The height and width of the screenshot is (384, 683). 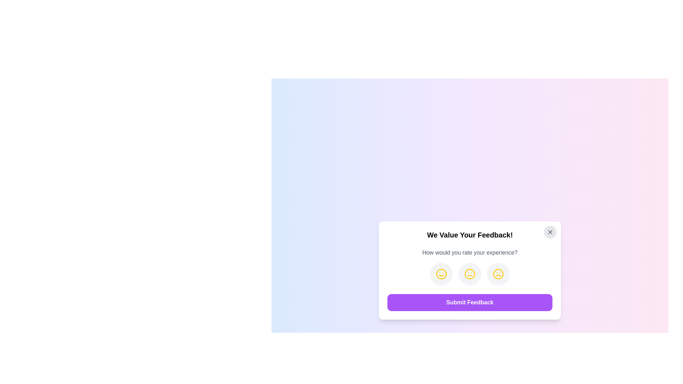 I want to click on the circular button with a light gray background and a yellow frown face icon, located at the rightmost position in a sequence of three buttons below the prompt 'How would you rate your experience?' for keyboard navigation, so click(x=498, y=274).